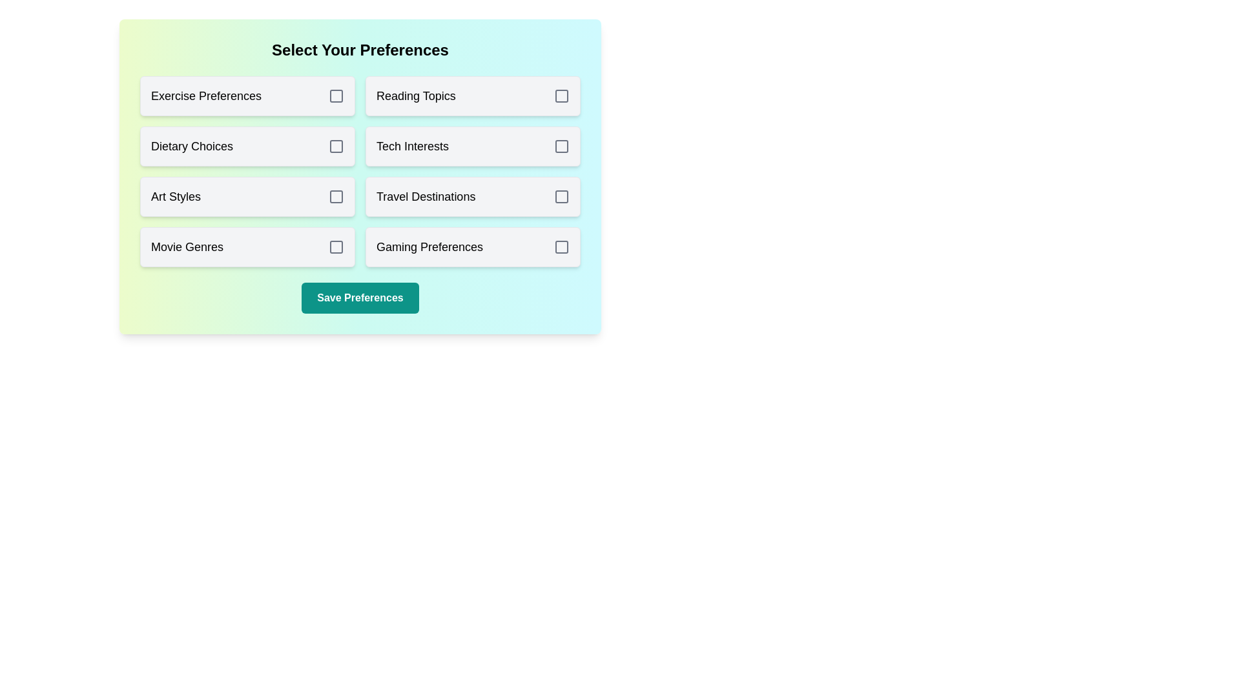 The image size is (1240, 697). I want to click on the preference option Movie Genres, so click(247, 247).